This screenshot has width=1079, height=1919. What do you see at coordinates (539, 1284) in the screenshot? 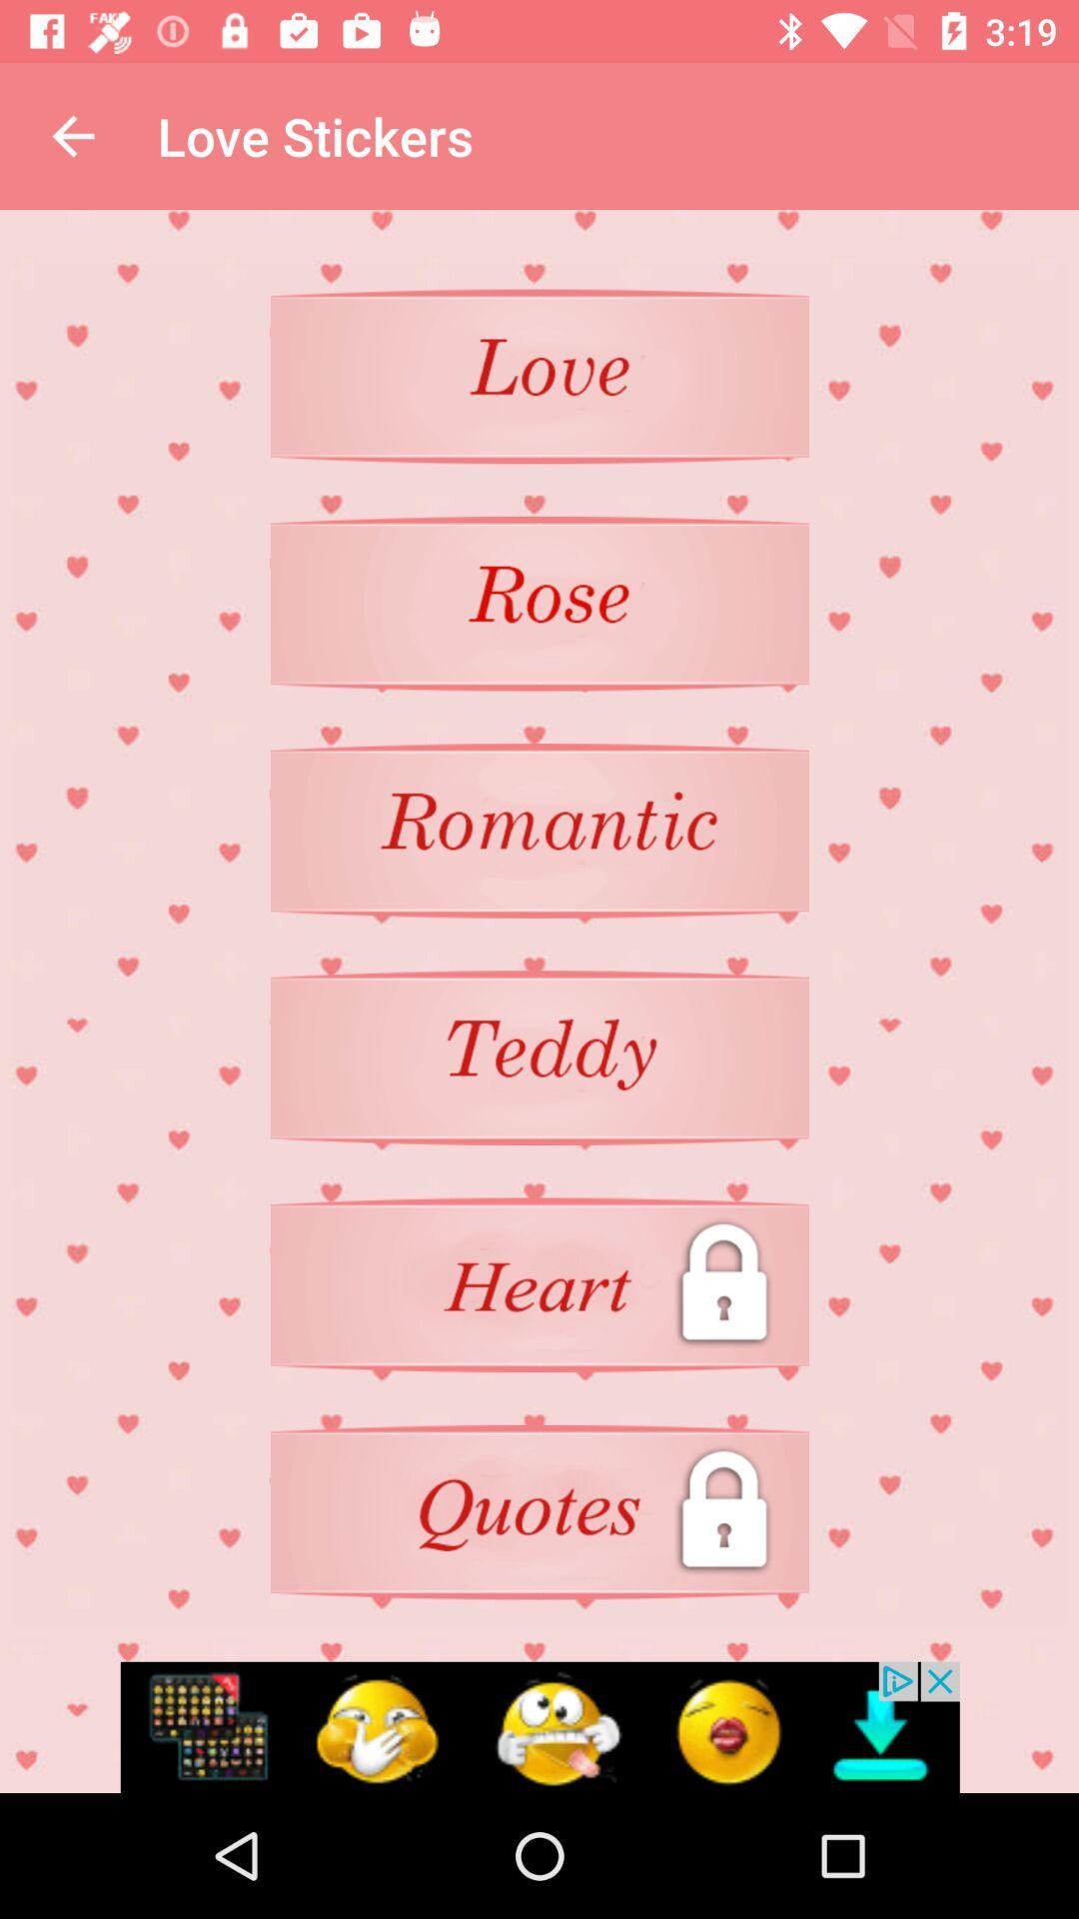
I see `heart sticker locked` at bounding box center [539, 1284].